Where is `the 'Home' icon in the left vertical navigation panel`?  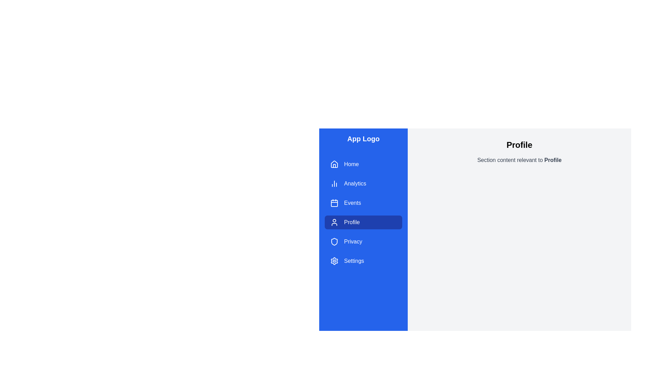 the 'Home' icon in the left vertical navigation panel is located at coordinates (334, 164).